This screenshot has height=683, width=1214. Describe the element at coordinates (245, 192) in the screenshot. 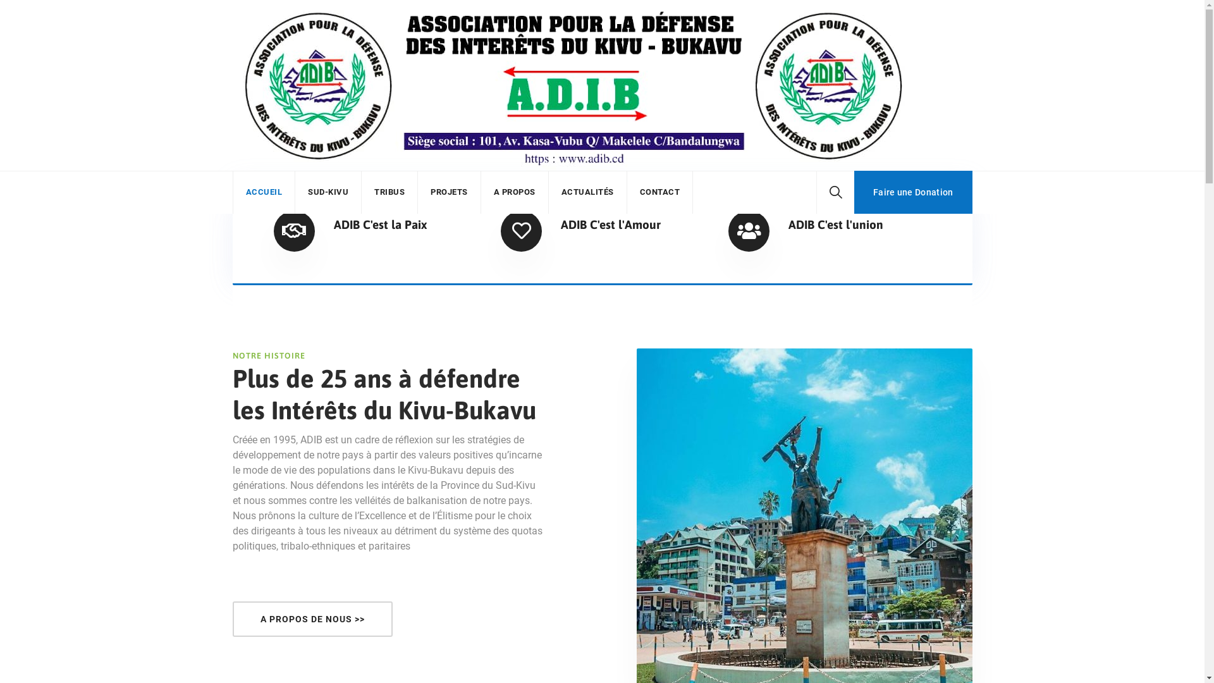

I see `'ACCUEIL'` at that location.